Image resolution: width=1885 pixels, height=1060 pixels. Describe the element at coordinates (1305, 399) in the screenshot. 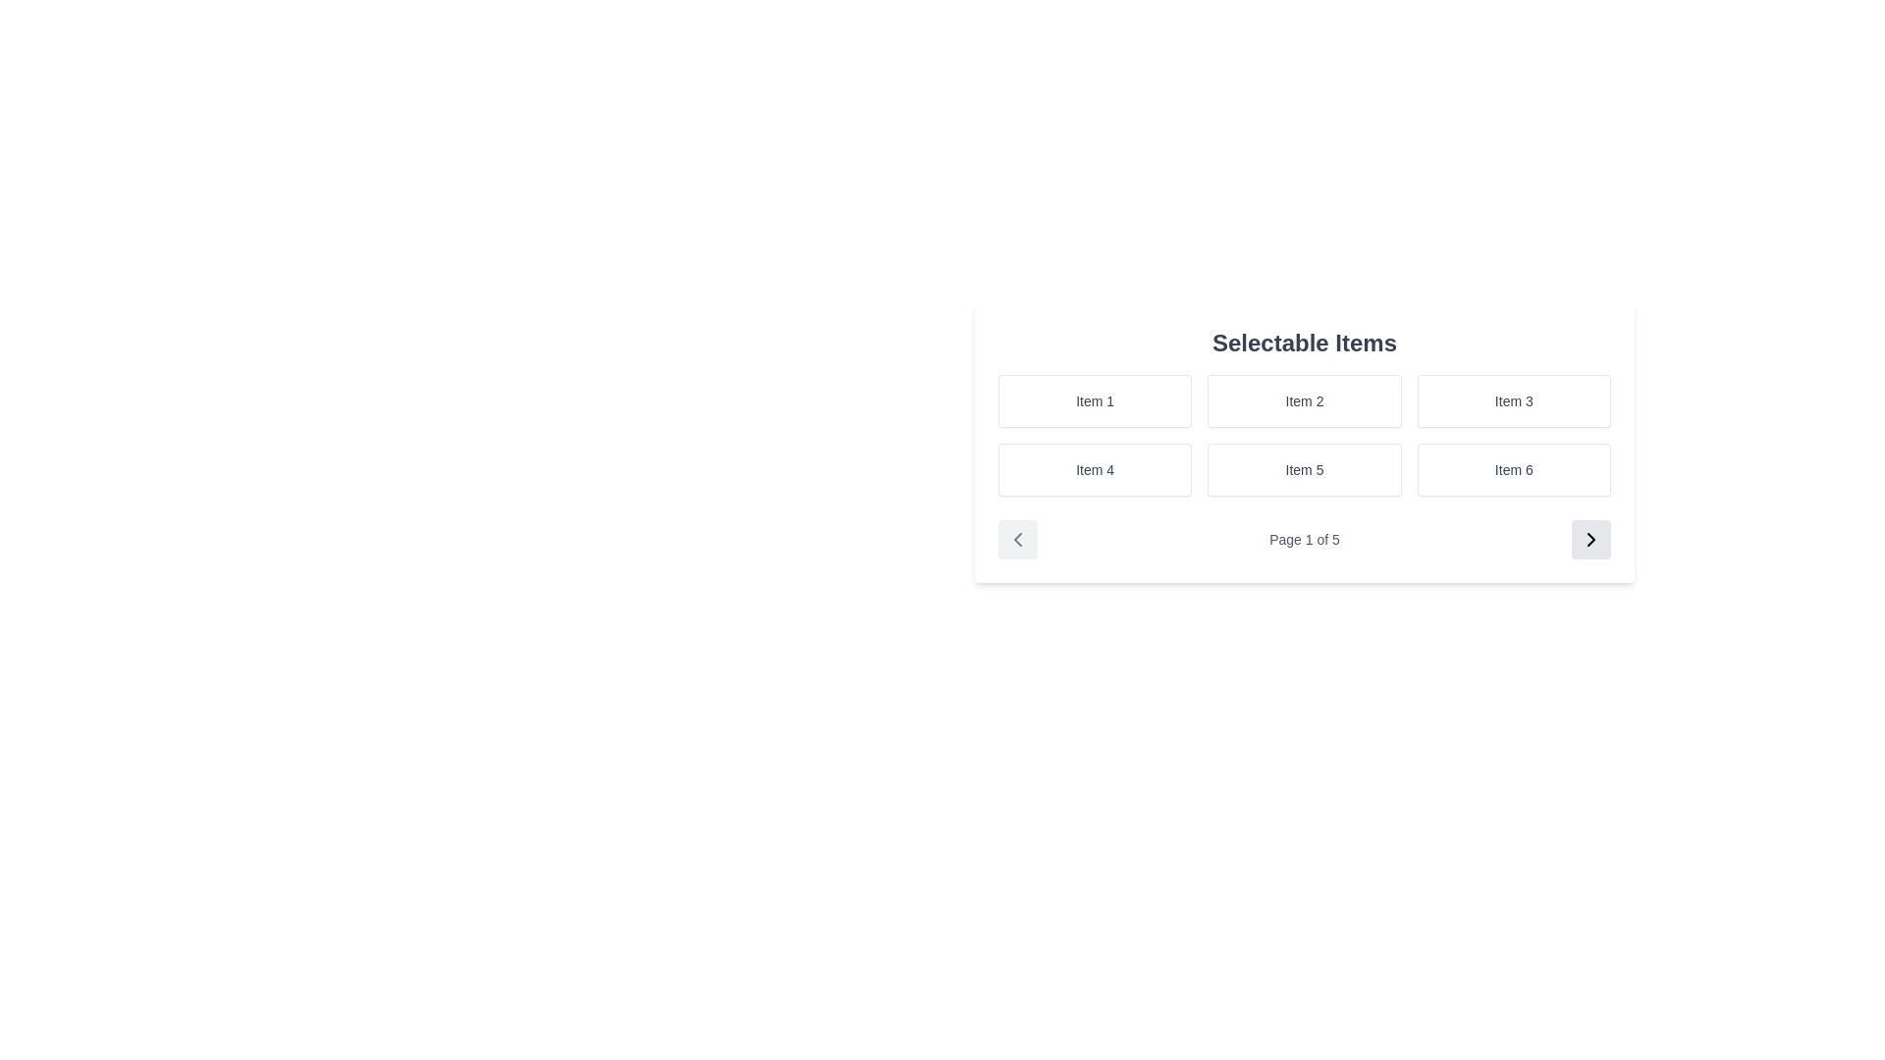

I see `the text label displaying 'Item 2' in the first row of the 2x3 grid layout under the heading 'Selectable Items'` at that location.